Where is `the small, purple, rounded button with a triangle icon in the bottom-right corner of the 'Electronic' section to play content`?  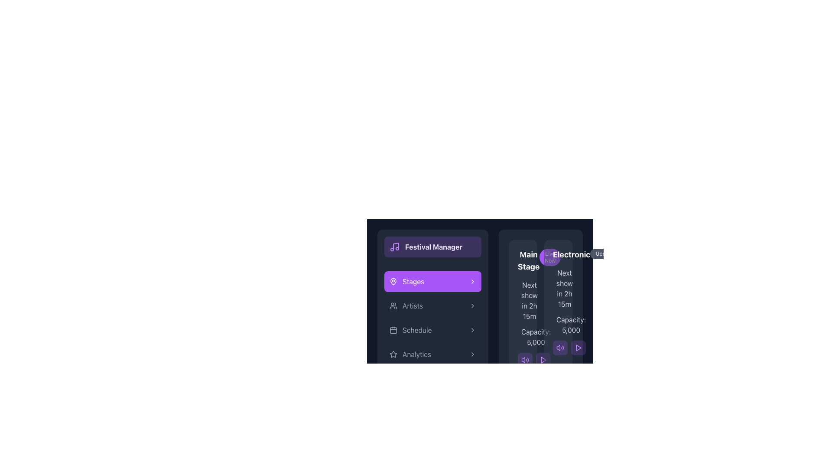 the small, purple, rounded button with a triangle icon in the bottom-right corner of the 'Electronic' section to play content is located at coordinates (578, 347).